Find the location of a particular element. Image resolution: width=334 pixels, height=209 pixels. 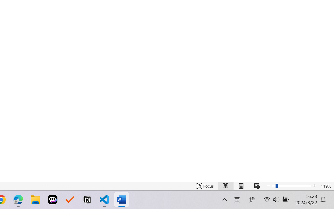

'Text Size' is located at coordinates (291, 186).